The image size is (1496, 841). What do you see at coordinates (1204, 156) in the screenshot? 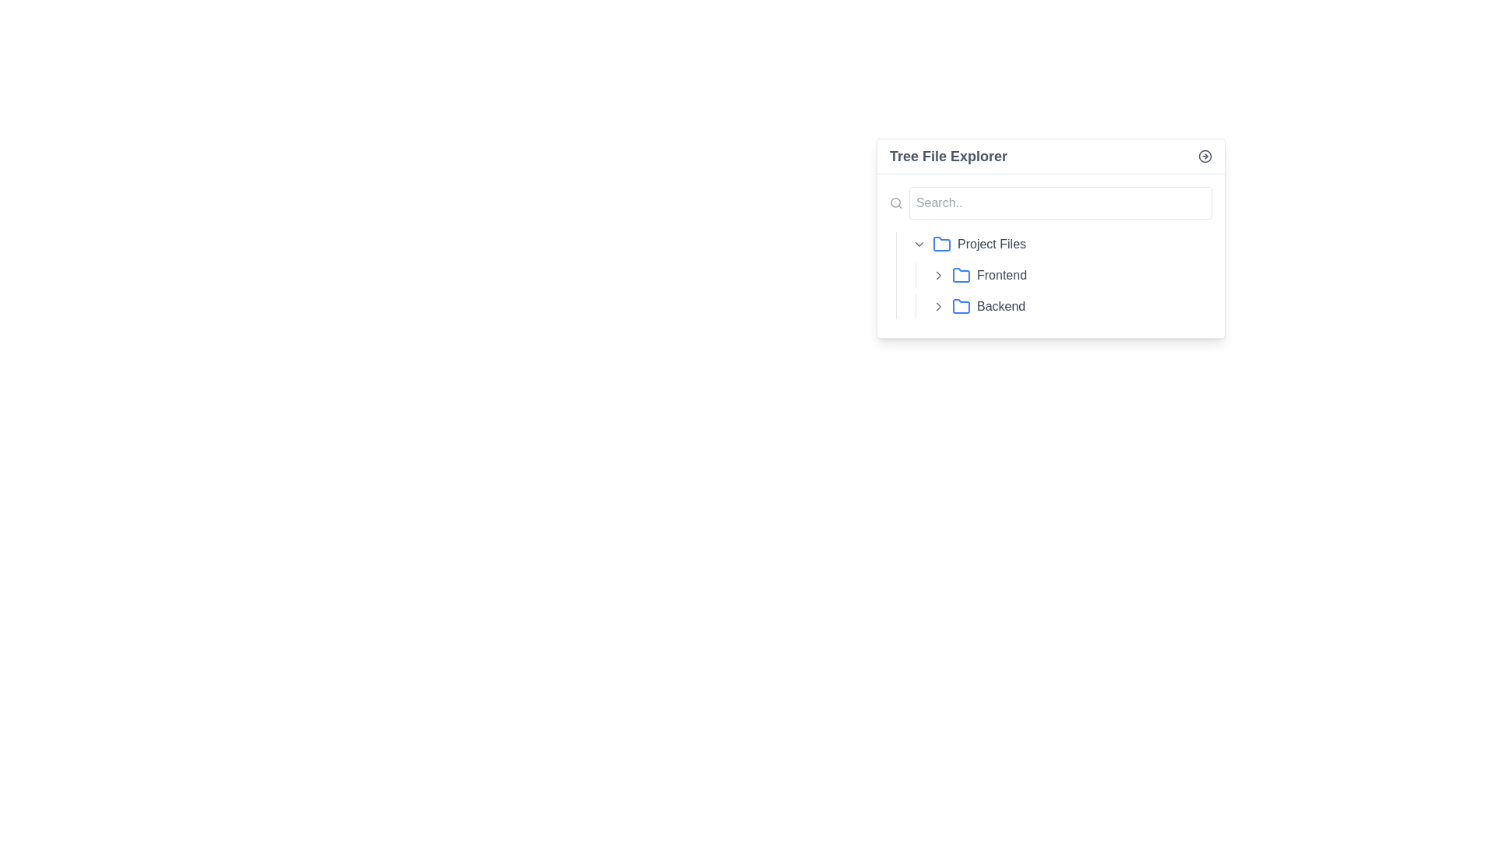
I see `the Icon button located in the 'Tree File Explorer' header, which is aligned to the far right of the header bar, adjacent to the title on the left` at bounding box center [1204, 156].